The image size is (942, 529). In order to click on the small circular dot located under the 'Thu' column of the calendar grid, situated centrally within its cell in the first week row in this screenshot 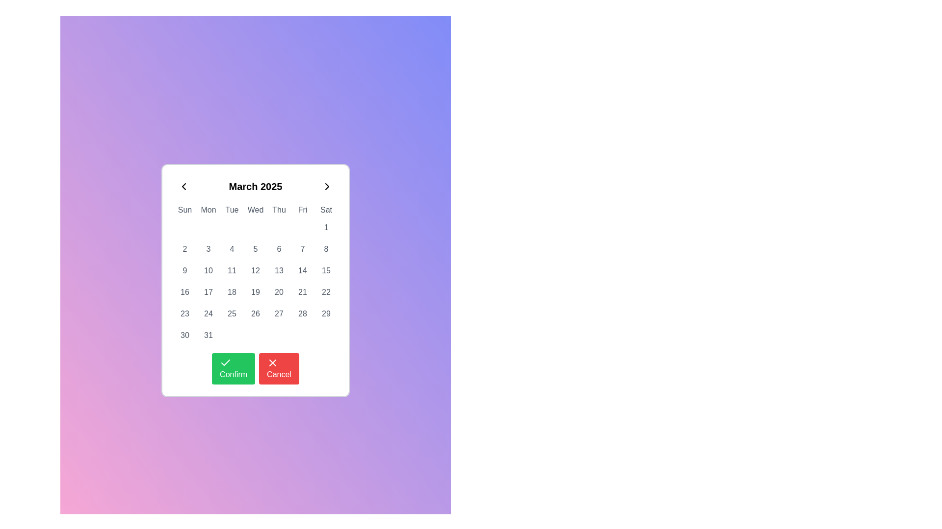, I will do `click(279, 228)`.